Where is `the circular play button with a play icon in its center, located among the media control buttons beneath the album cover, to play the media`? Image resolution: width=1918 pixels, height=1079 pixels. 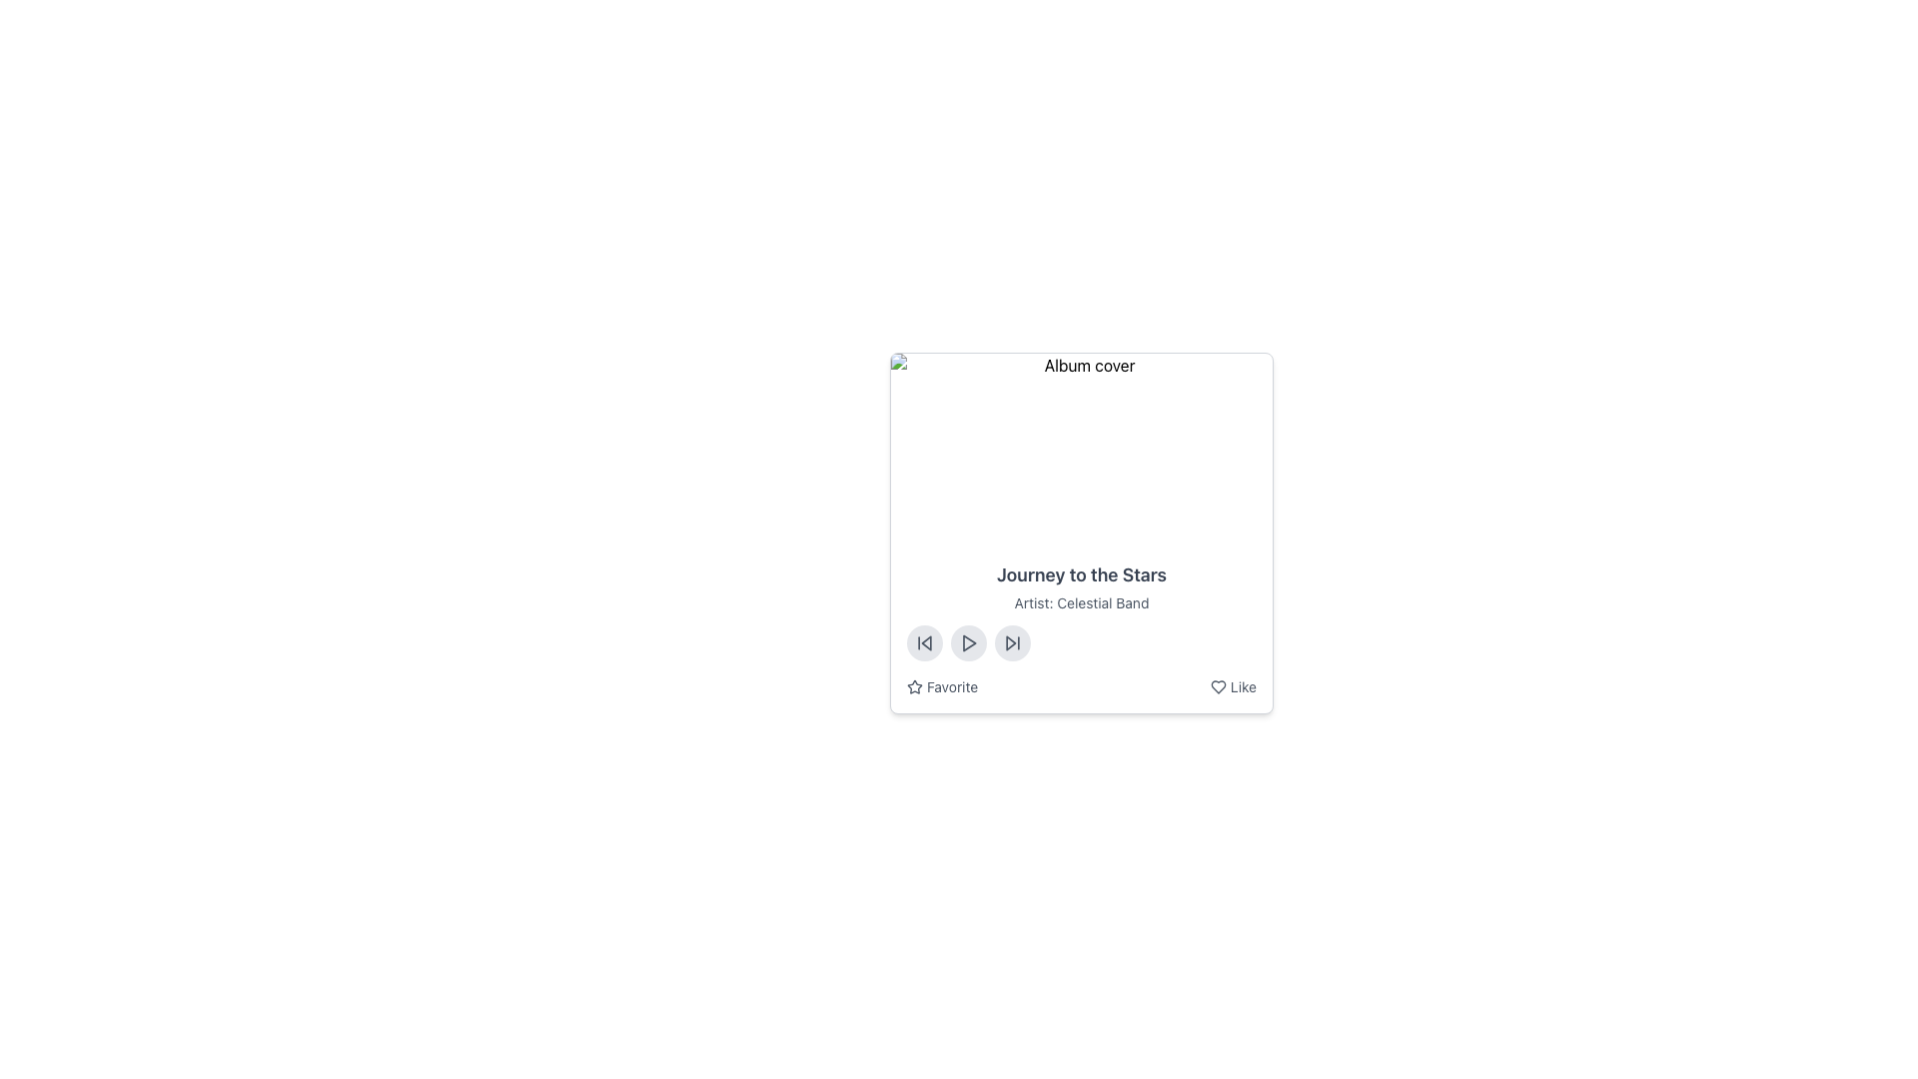 the circular play button with a play icon in its center, located among the media control buttons beneath the album cover, to play the media is located at coordinates (968, 643).